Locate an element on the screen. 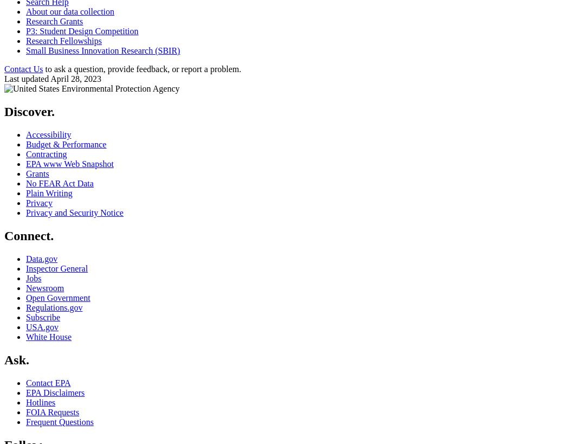 The height and width of the screenshot is (444, 569). 'Last updated April 28, 2023' is located at coordinates (53, 78).